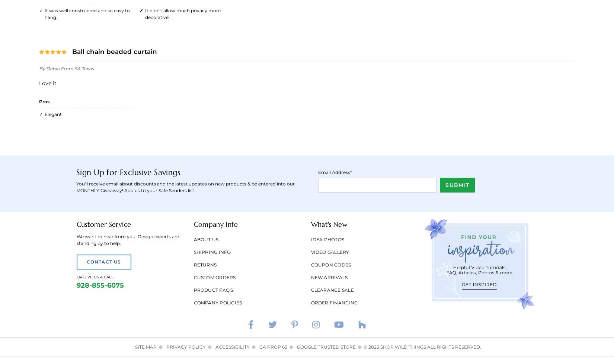 The width and height of the screenshot is (614, 362). What do you see at coordinates (330, 252) in the screenshot?
I see `'Video Gallery'` at bounding box center [330, 252].